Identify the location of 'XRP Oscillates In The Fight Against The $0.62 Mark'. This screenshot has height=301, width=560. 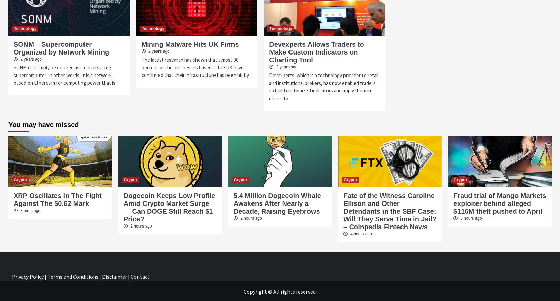
(57, 199).